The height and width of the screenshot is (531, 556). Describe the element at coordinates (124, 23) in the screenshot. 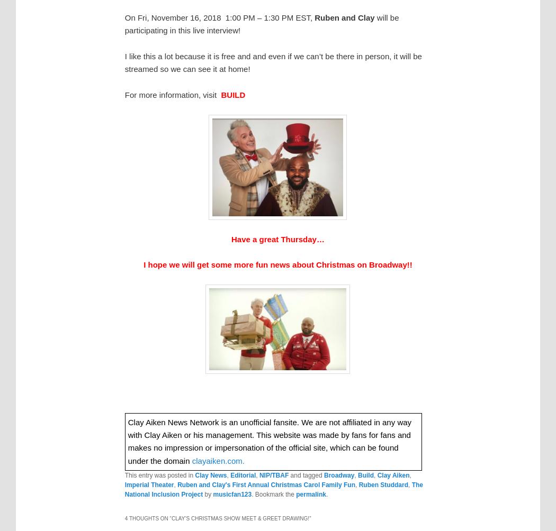

I see `'will be participating in this live interview!'` at that location.